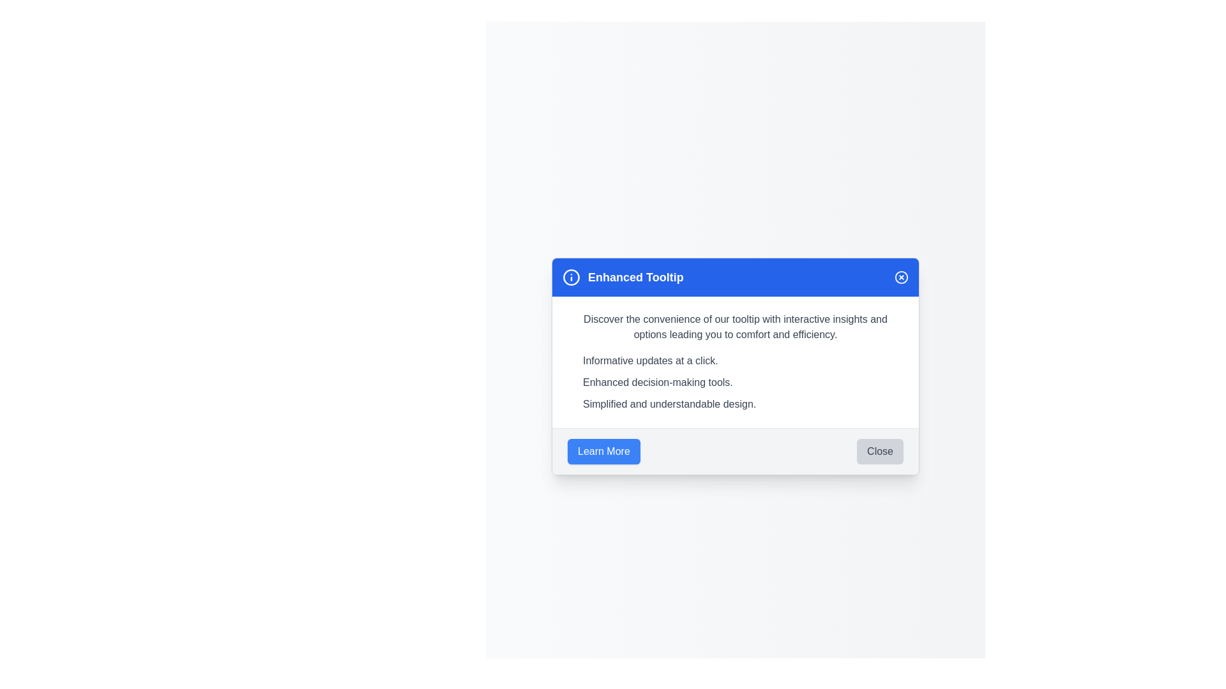  What do you see at coordinates (570, 276) in the screenshot?
I see `the SVG Circle Graphic that symbolizes 'information', located to the left of the 'Enhanced Tooltip' text in the header` at bounding box center [570, 276].